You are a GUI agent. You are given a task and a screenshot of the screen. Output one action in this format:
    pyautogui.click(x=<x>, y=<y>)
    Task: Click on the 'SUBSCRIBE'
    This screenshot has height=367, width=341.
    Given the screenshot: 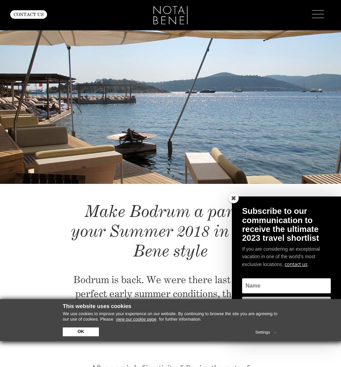 What is the action you would take?
    pyautogui.click(x=286, y=321)
    